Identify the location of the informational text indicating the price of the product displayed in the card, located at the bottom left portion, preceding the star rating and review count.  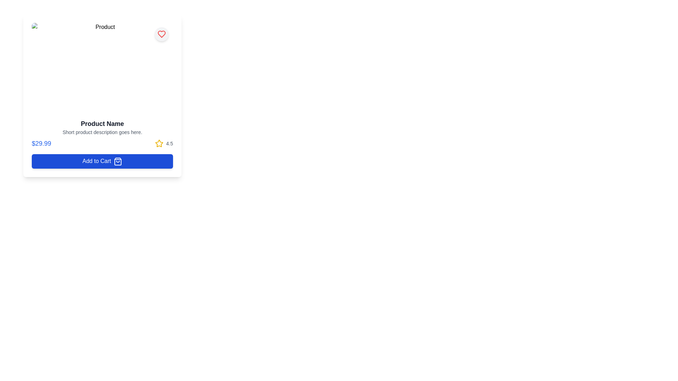
(41, 143).